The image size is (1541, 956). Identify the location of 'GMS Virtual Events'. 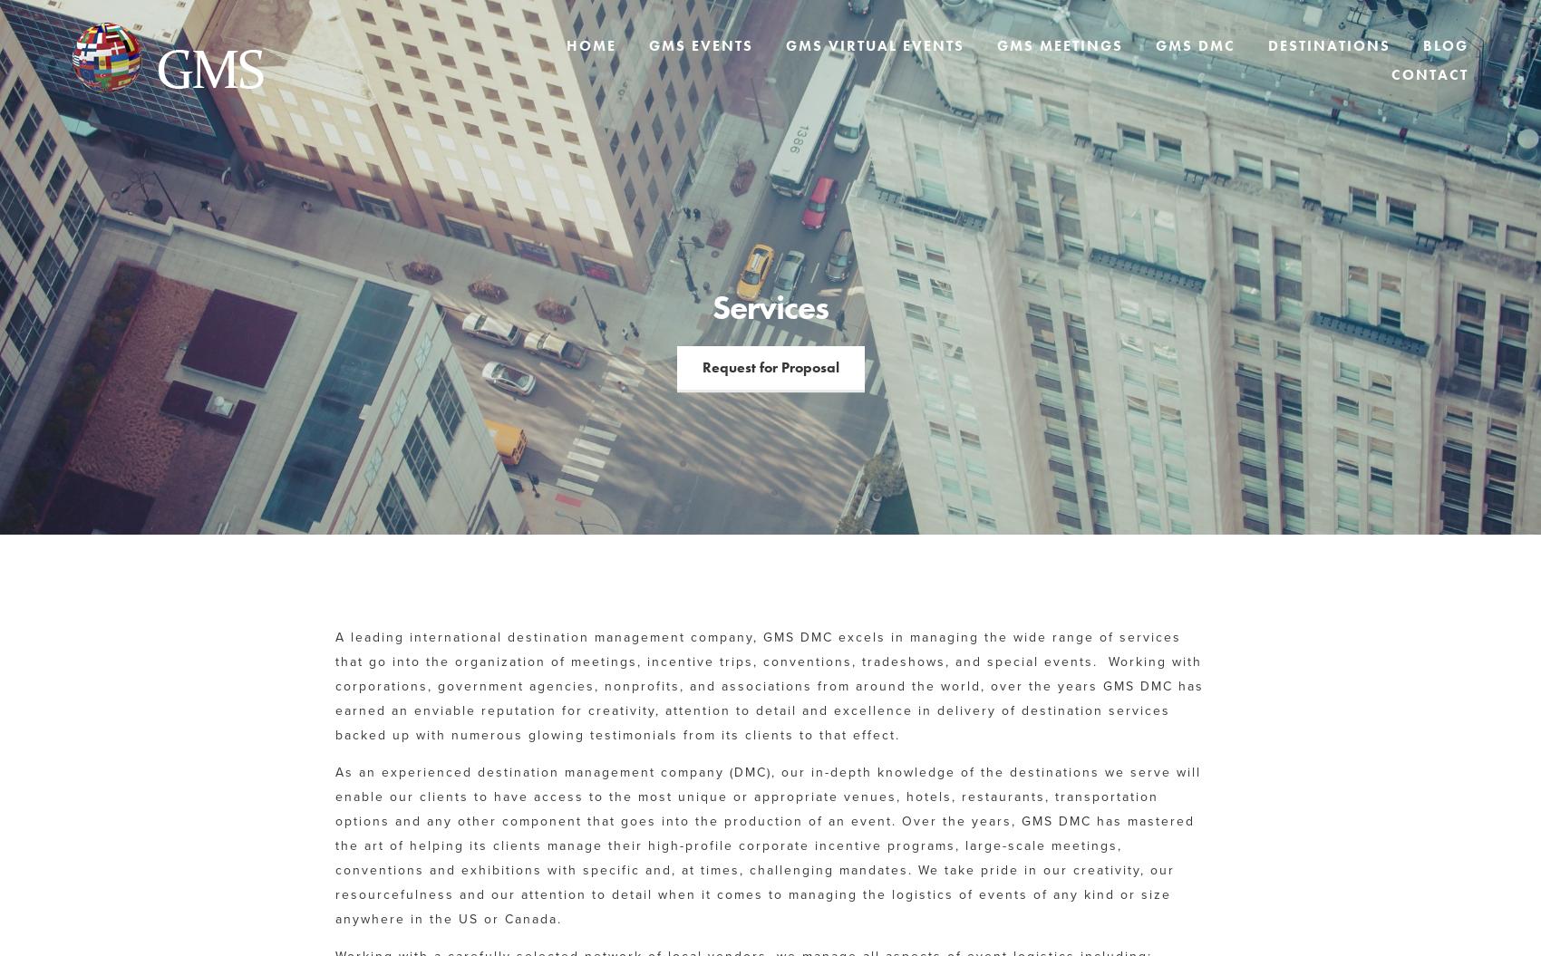
(874, 45).